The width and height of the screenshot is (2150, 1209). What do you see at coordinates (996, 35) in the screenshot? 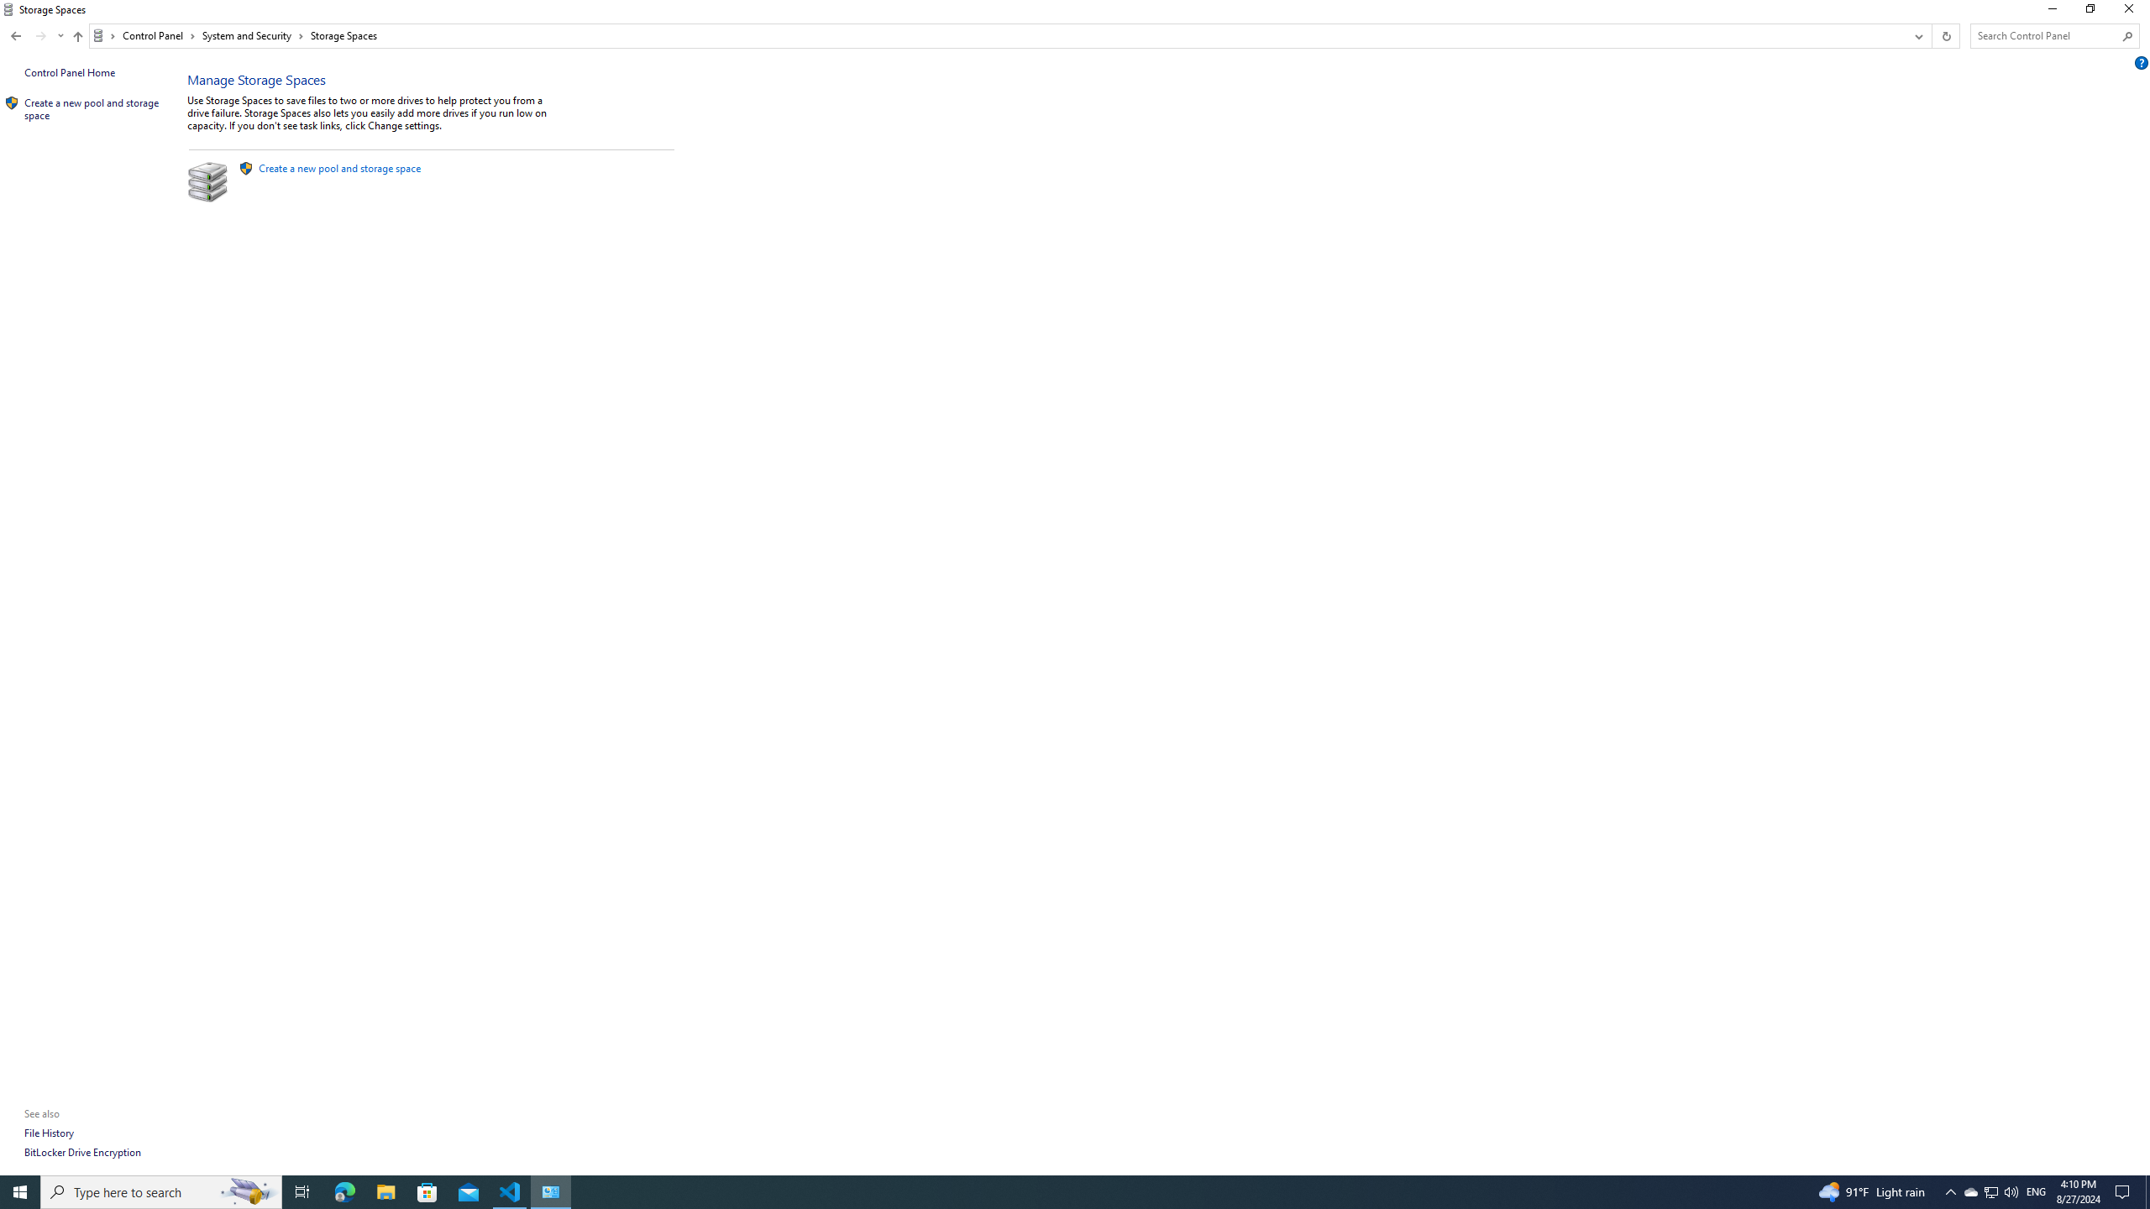
I see `'Address: Control Panel\System and Security\Storage Spaces'` at bounding box center [996, 35].